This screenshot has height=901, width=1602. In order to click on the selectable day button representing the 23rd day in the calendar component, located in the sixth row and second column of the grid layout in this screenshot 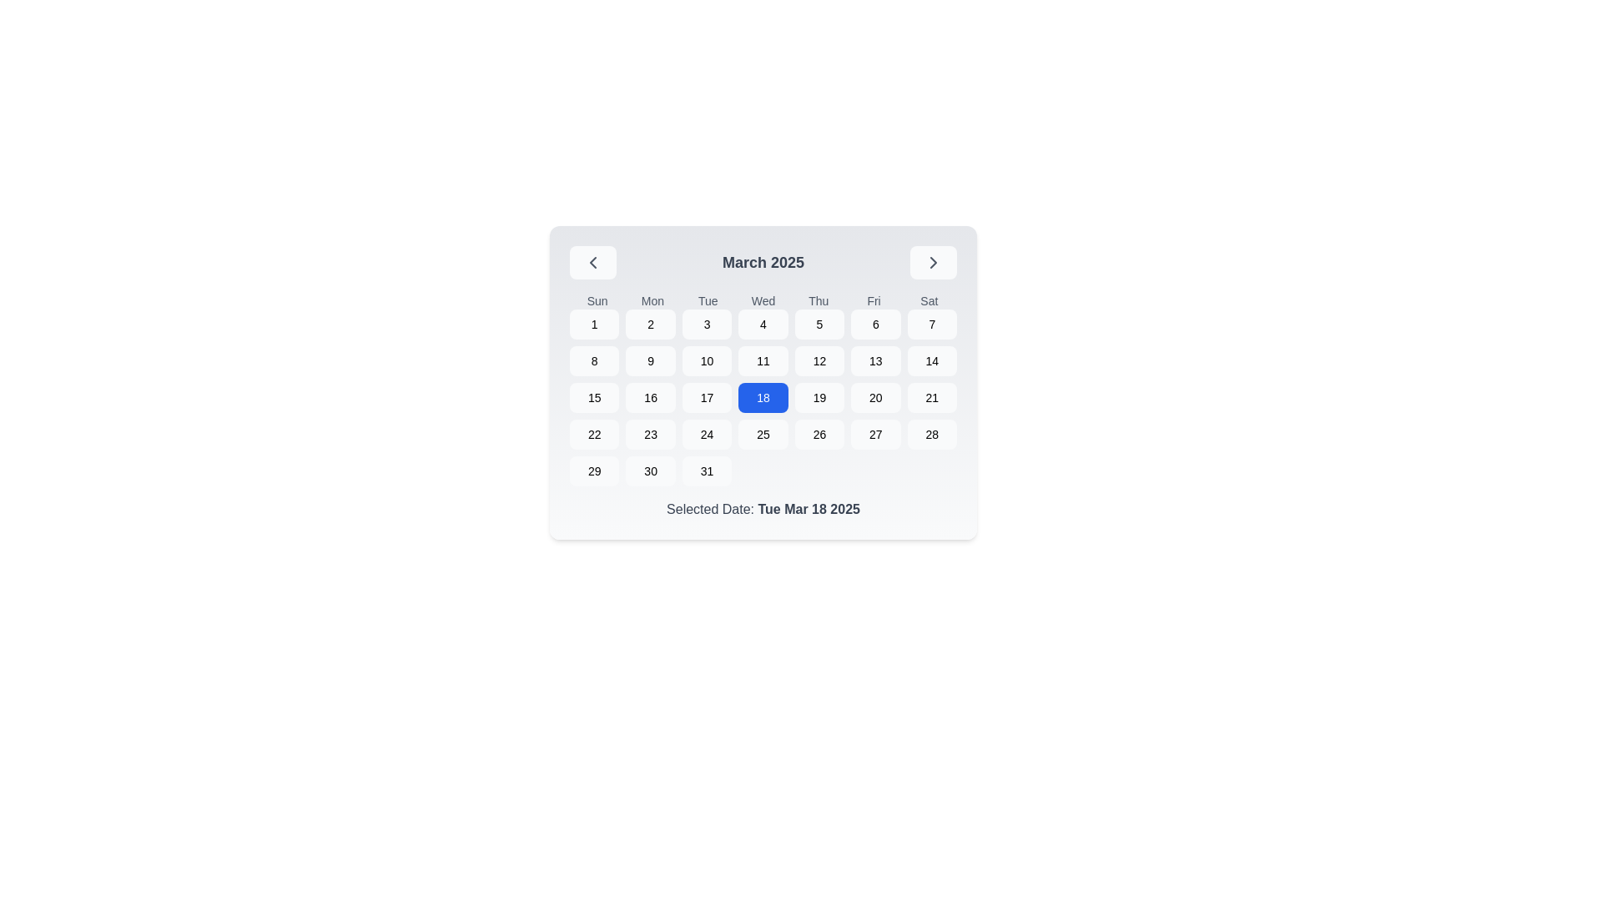, I will do `click(650, 433)`.